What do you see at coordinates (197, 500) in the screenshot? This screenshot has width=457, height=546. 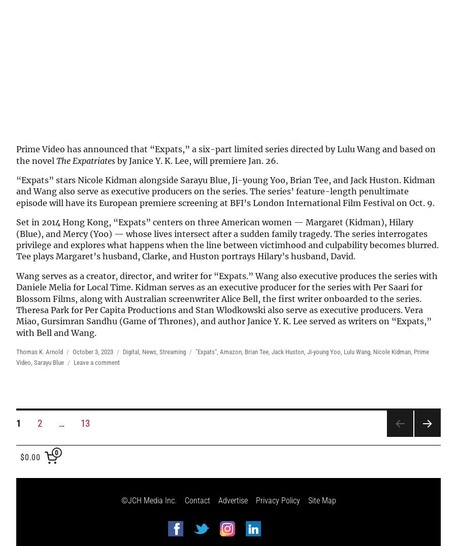 I see `'Contact'` at bounding box center [197, 500].